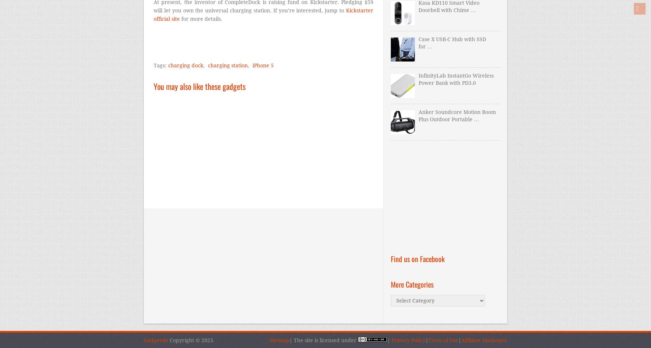 The height and width of the screenshot is (348, 651). I want to click on 'for more details.', so click(201, 19).